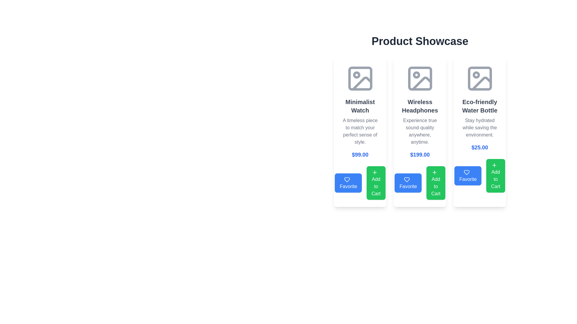  I want to click on the favorite button located at the bottom-left corner of the 'Minimalist Watch' product card to observe the hover effects, so click(360, 182).